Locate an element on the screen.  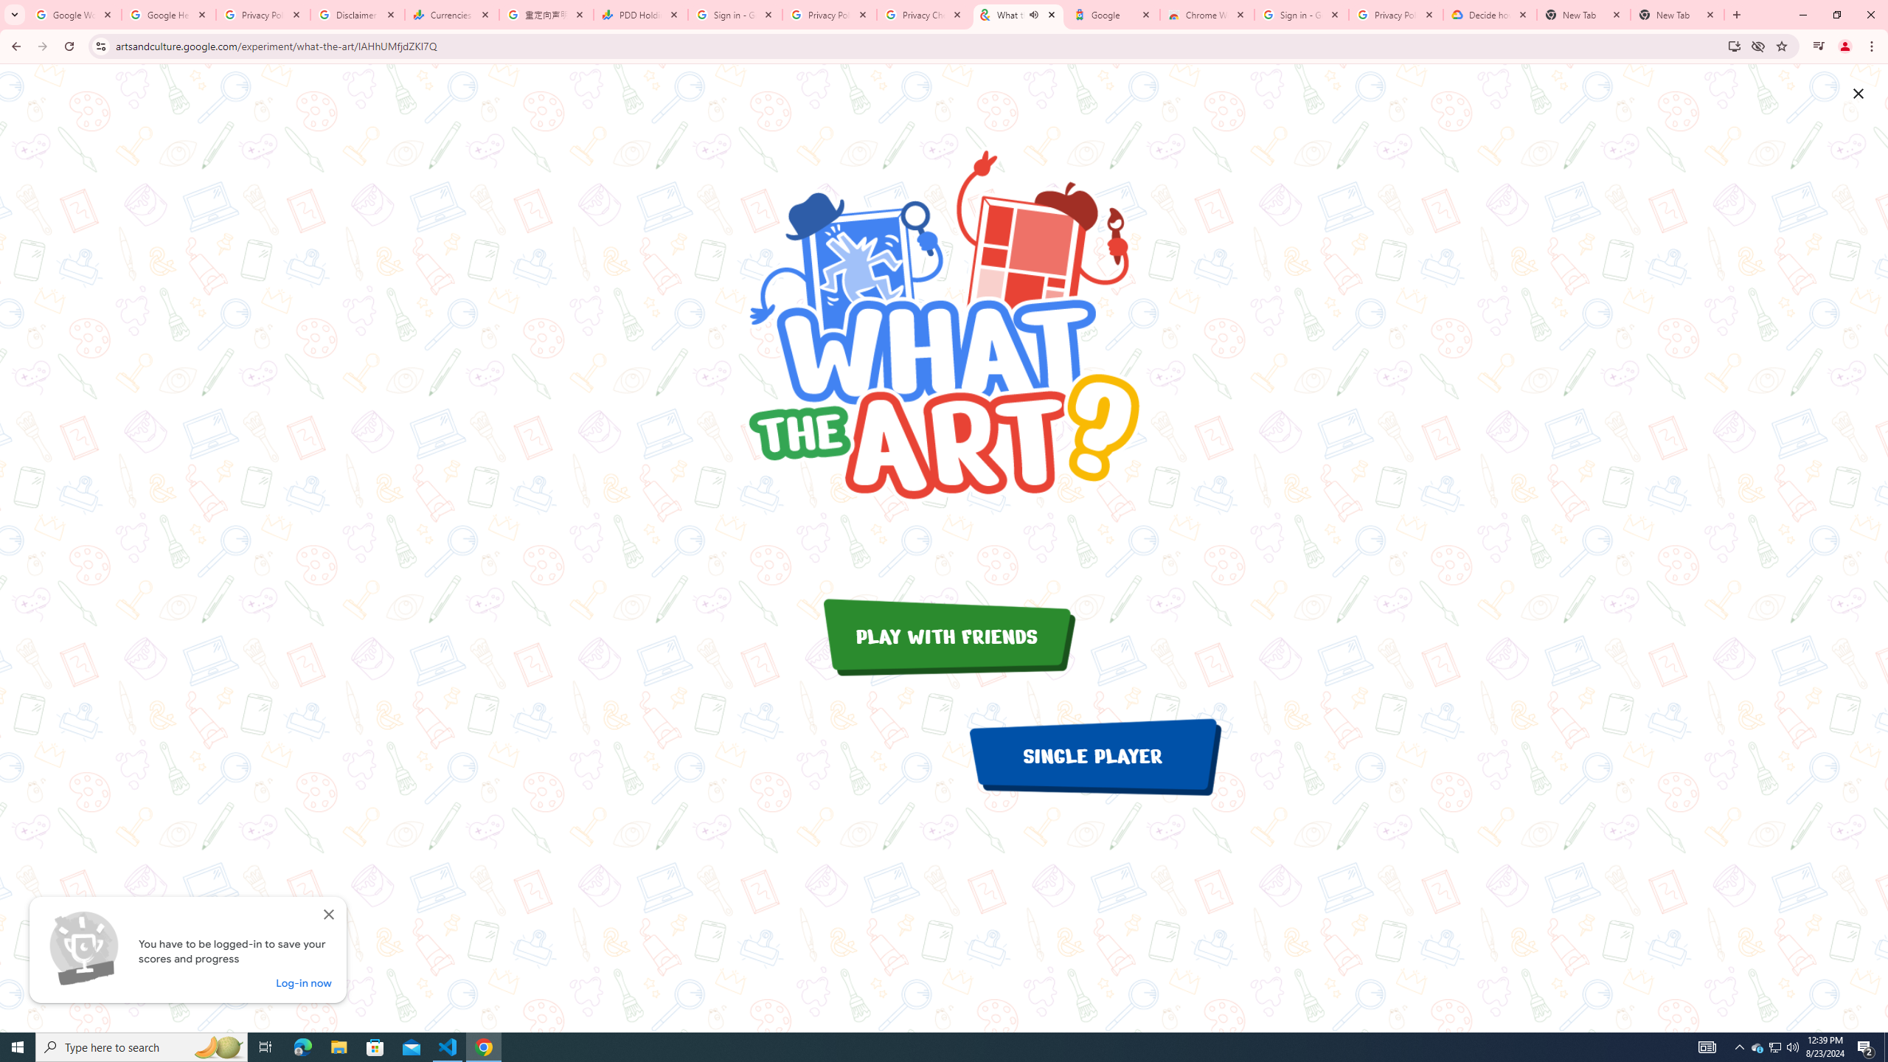
'Sign in - Google Accounts' is located at coordinates (1302, 14).